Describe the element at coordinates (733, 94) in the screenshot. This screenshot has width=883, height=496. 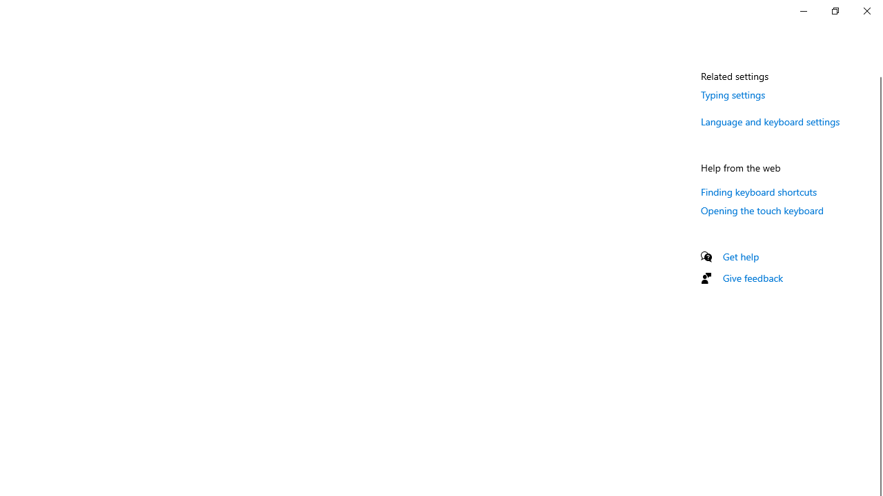
I see `'Typing settings'` at that location.